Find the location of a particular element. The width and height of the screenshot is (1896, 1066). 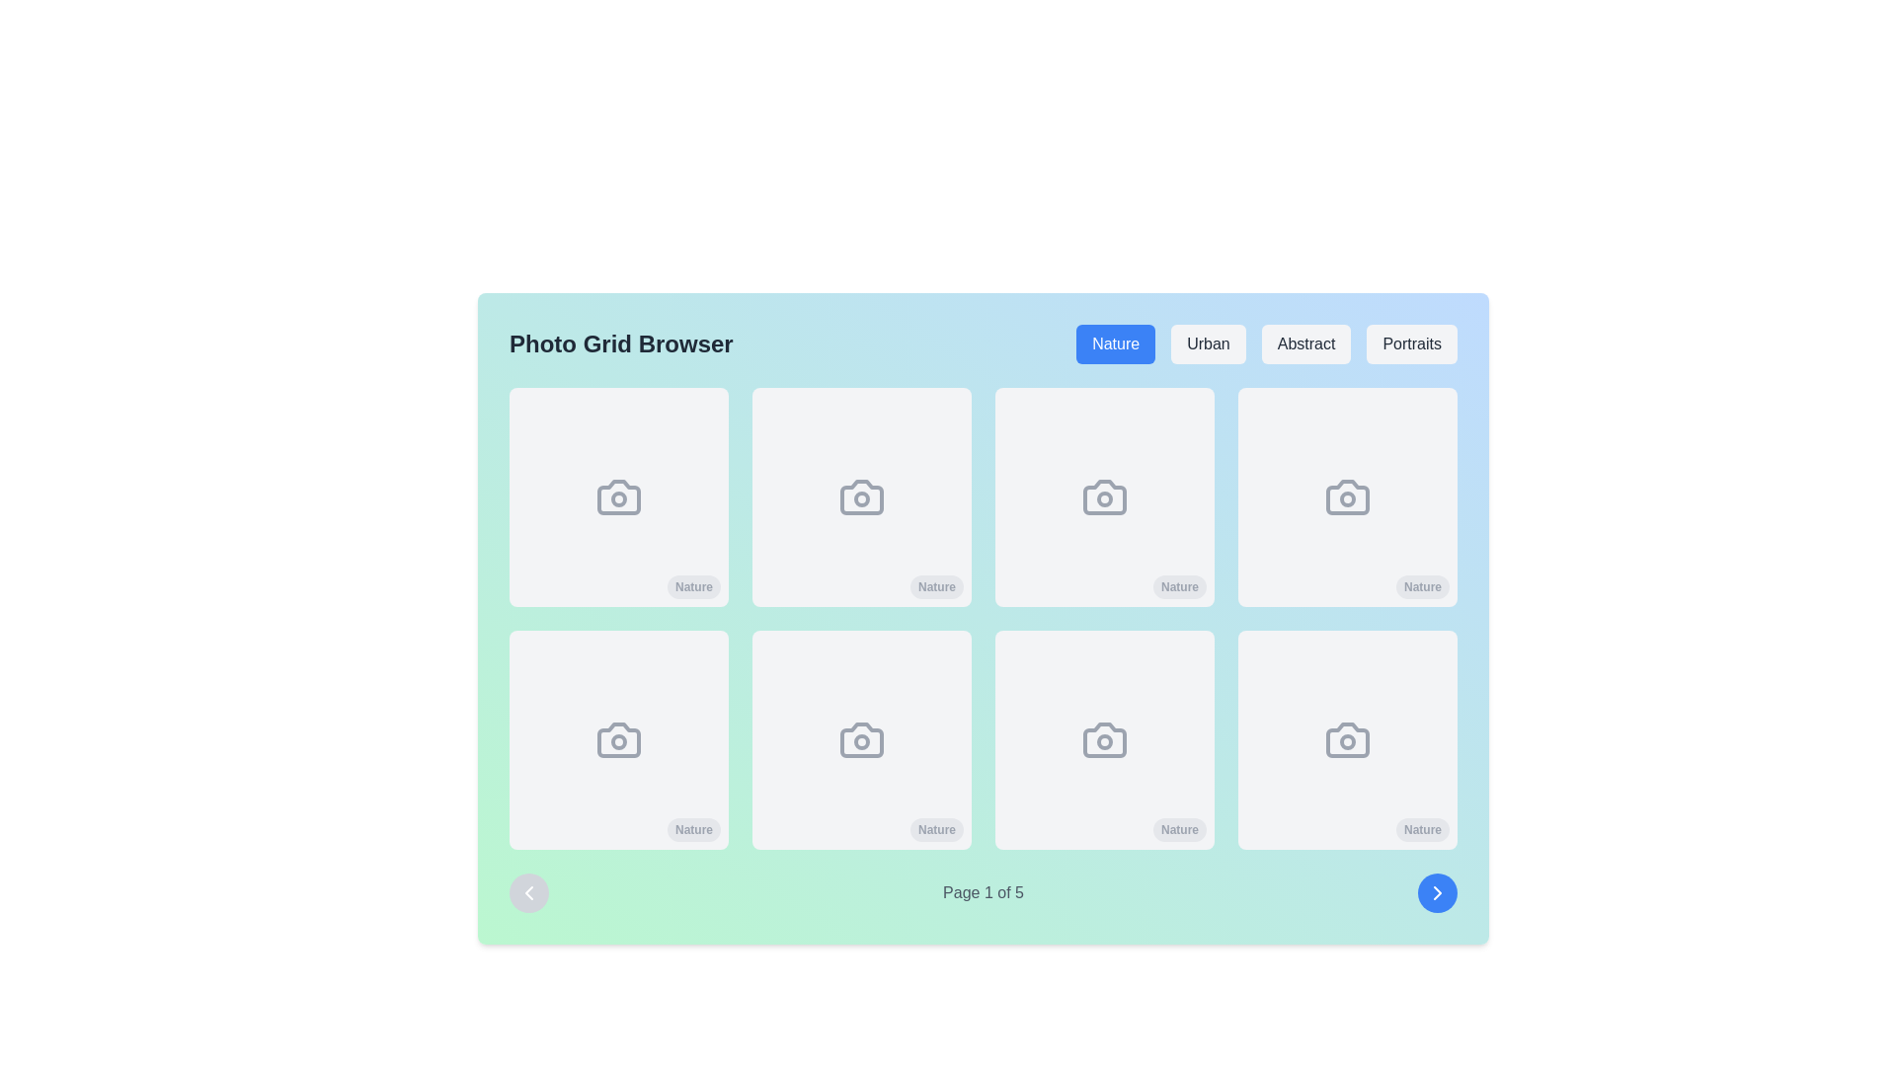

the 'Urban' button is located at coordinates (1208, 343).